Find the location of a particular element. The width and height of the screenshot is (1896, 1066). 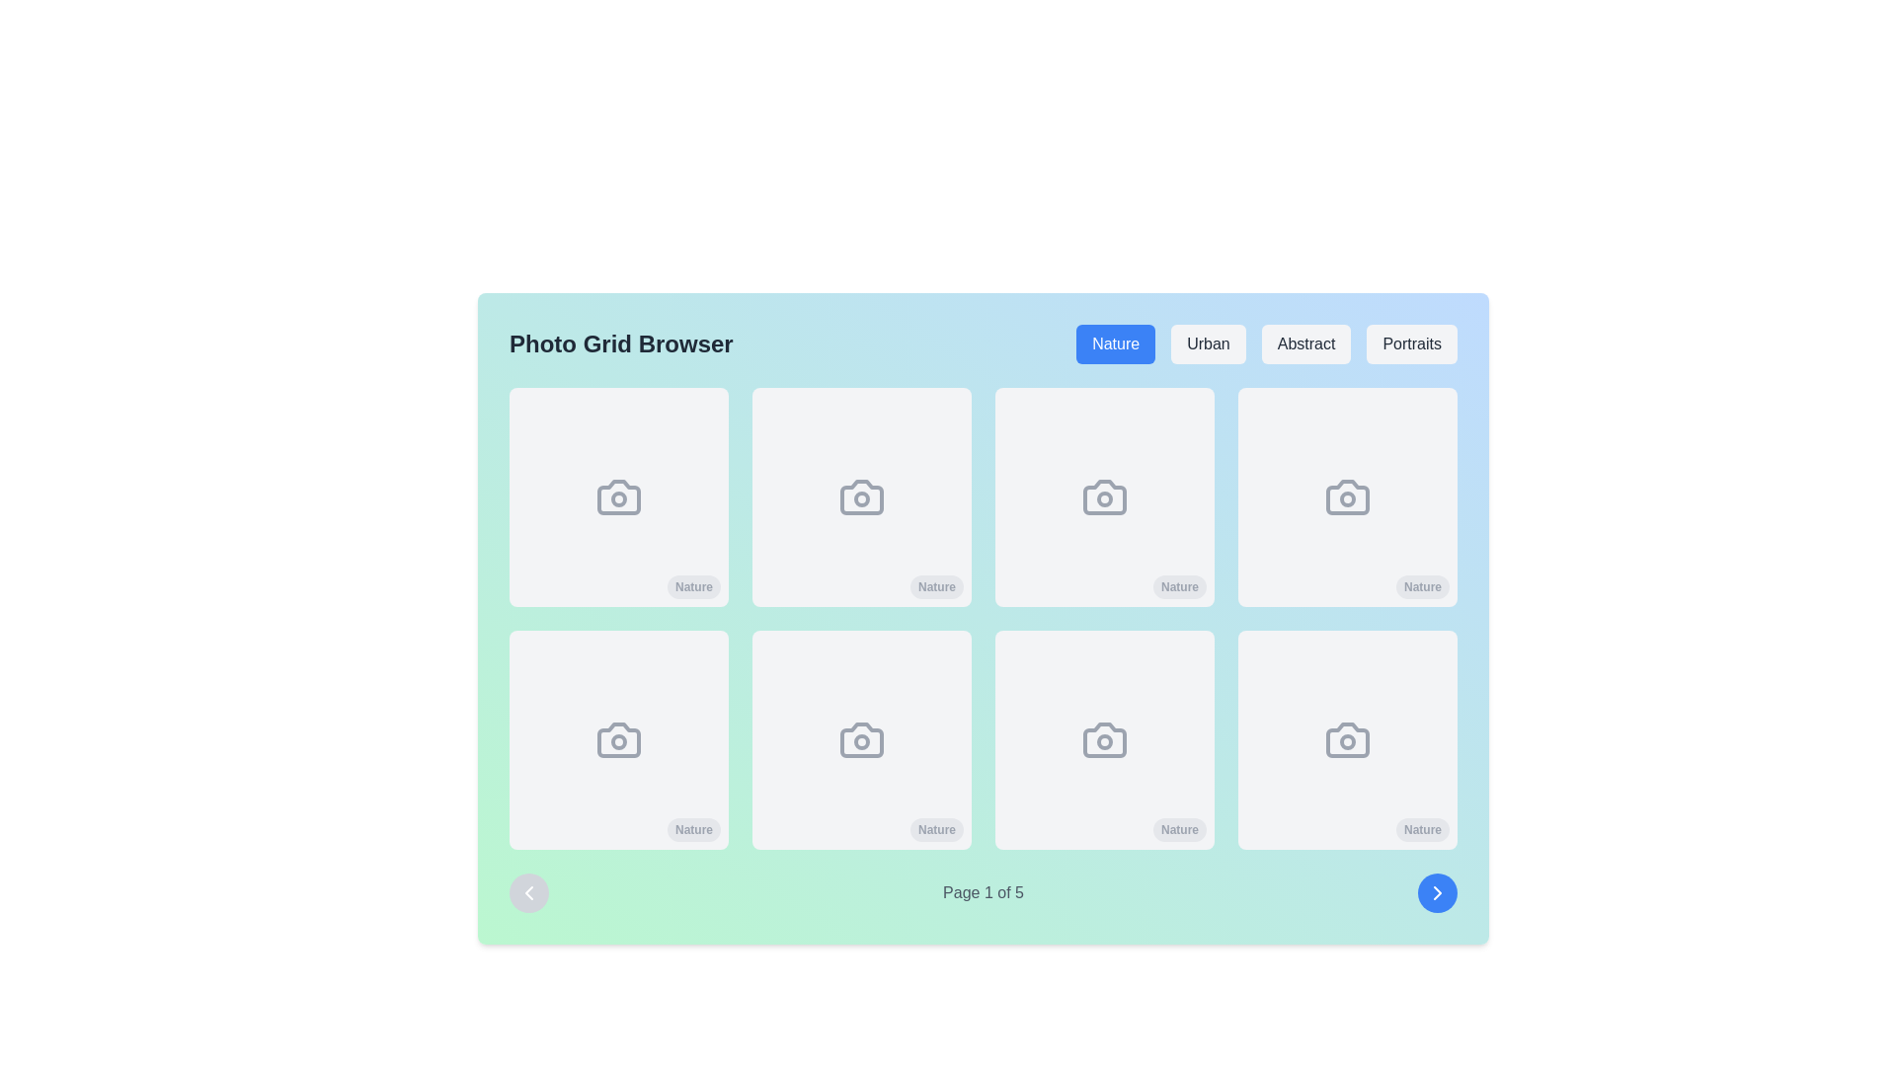

the 'Urban' button is located at coordinates (1208, 343).